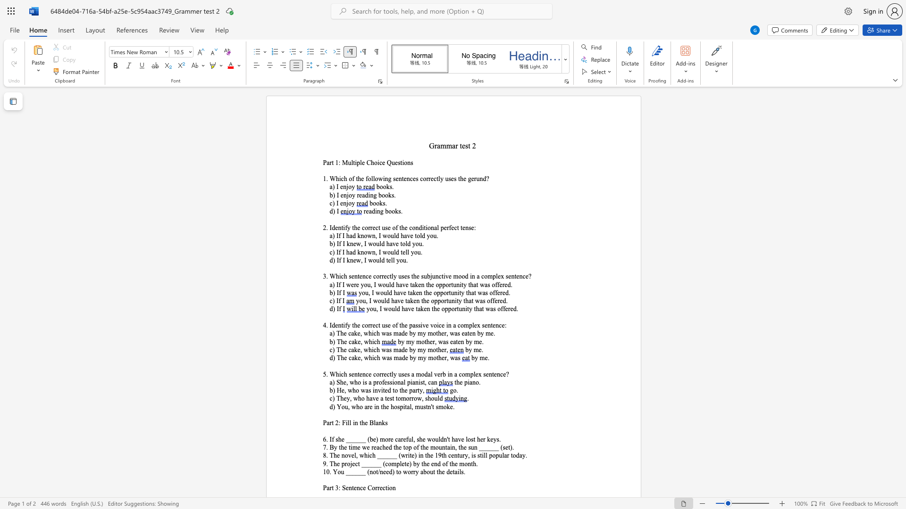  I want to click on the space between the continuous character "w" and "e" in the text, so click(350, 284).